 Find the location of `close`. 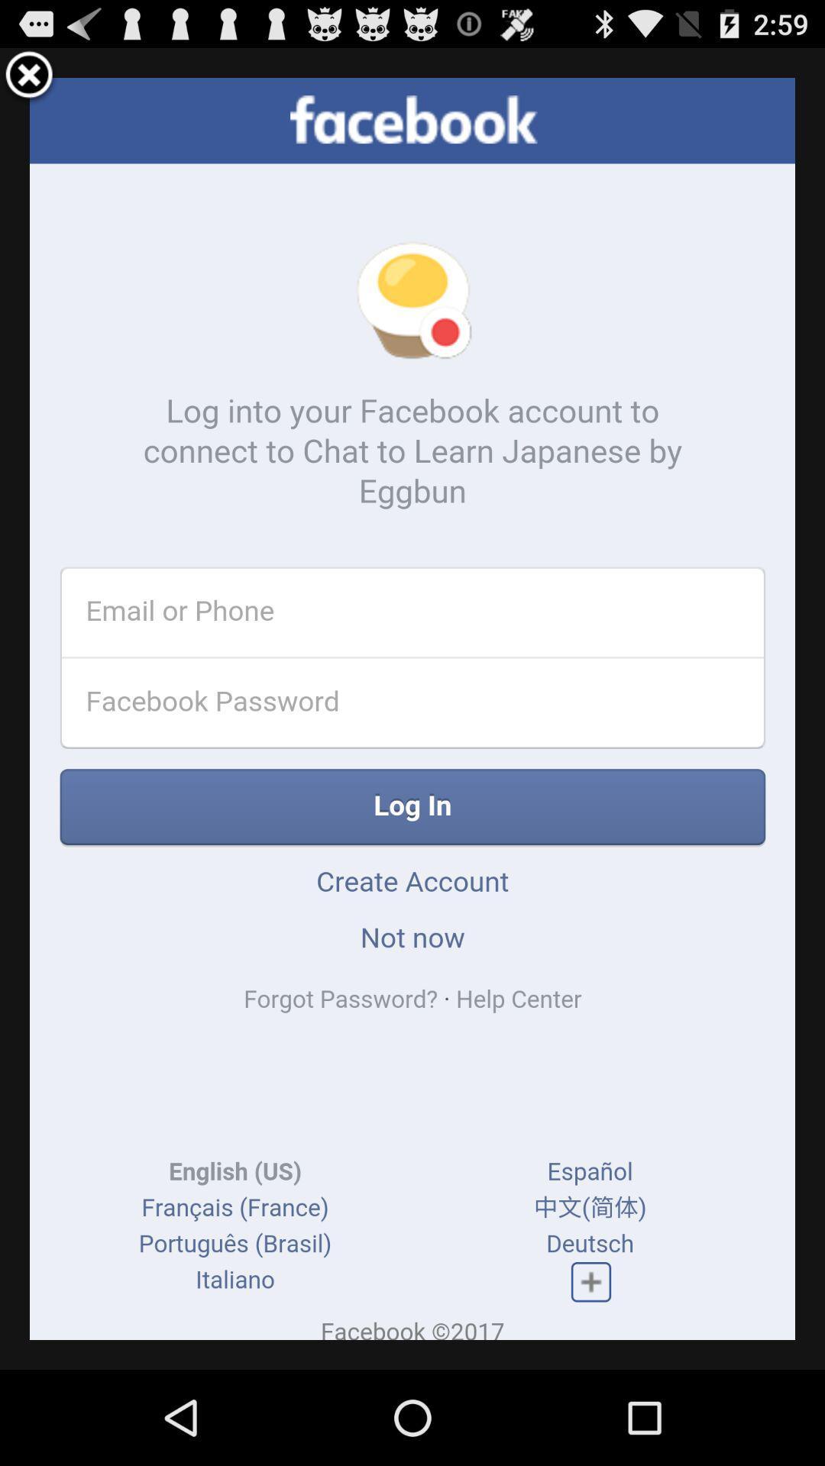

close is located at coordinates (29, 76).